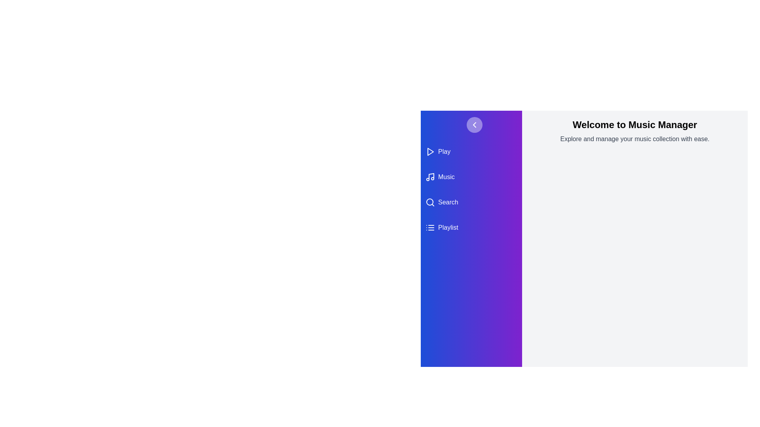 The image size is (760, 427). Describe the element at coordinates (471, 227) in the screenshot. I see `the 'Playlist' category in the drawer` at that location.